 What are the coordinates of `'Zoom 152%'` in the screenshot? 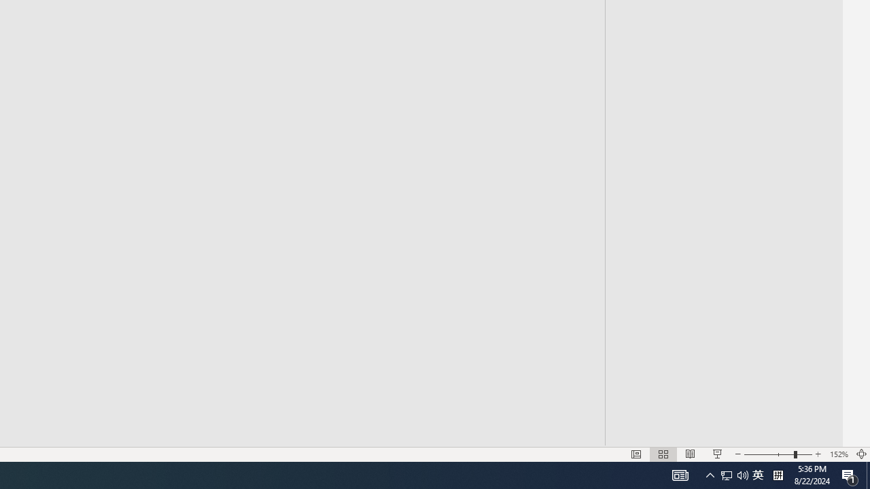 It's located at (838, 454).